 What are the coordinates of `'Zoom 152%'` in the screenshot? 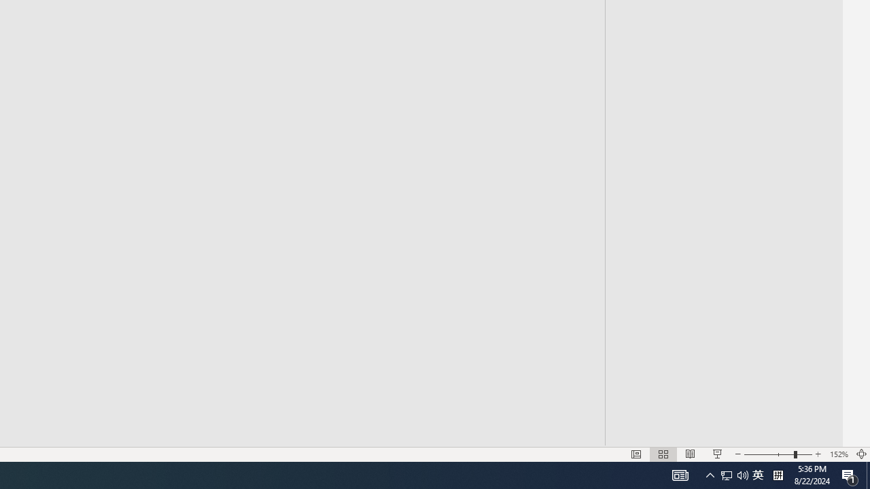 It's located at (838, 454).